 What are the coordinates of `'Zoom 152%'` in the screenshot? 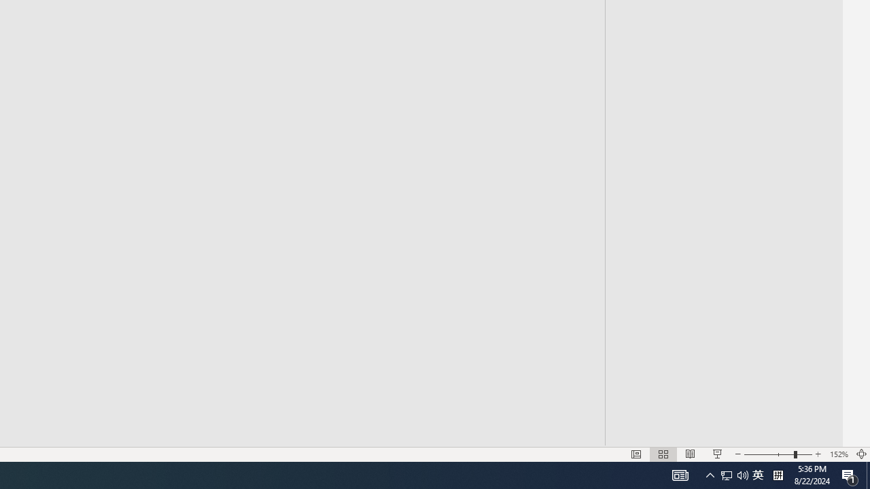 It's located at (838, 454).